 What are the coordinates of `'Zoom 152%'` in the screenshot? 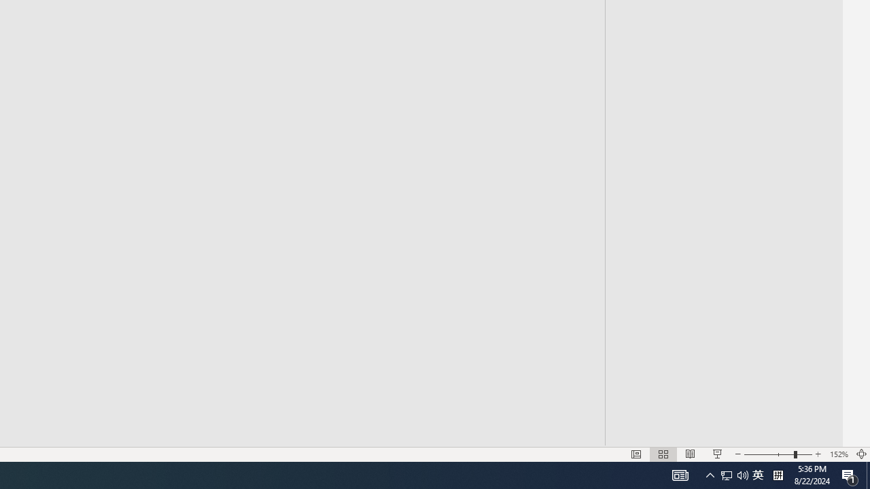 It's located at (838, 454).